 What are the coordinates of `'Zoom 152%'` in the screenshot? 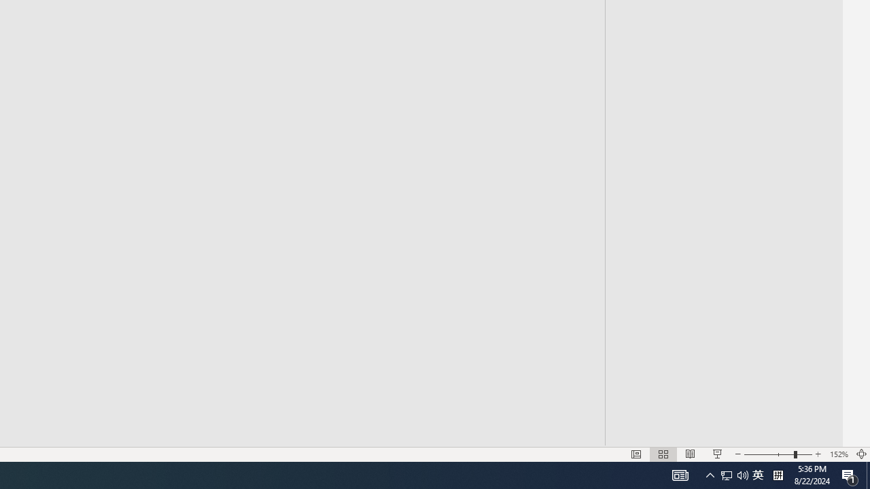 It's located at (838, 454).